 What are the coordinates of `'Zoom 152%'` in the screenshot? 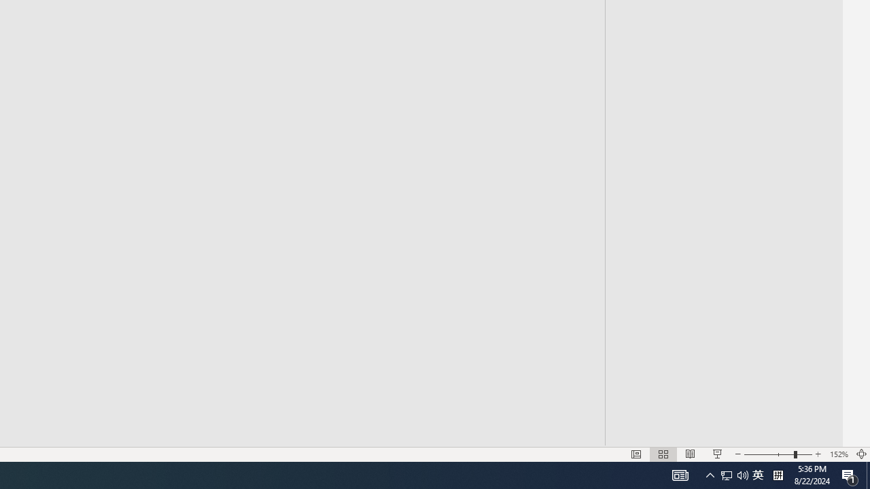 It's located at (838, 454).